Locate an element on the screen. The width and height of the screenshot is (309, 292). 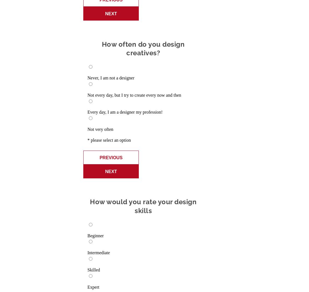
'Expert' is located at coordinates (93, 286).